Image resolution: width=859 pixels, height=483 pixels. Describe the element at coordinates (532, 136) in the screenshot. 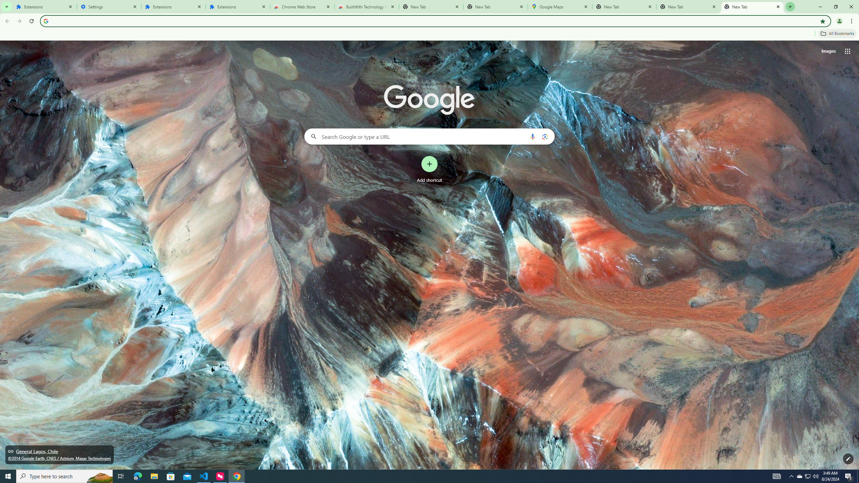

I see `'Search by voice'` at that location.